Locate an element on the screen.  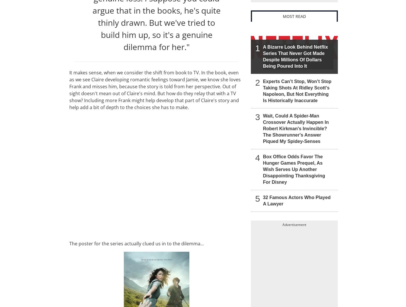
'A Bizarre Look Behind Netflix Series That Never Got Made Despite Millions Of Dollars Being Poured Into It' is located at coordinates (295, 56).